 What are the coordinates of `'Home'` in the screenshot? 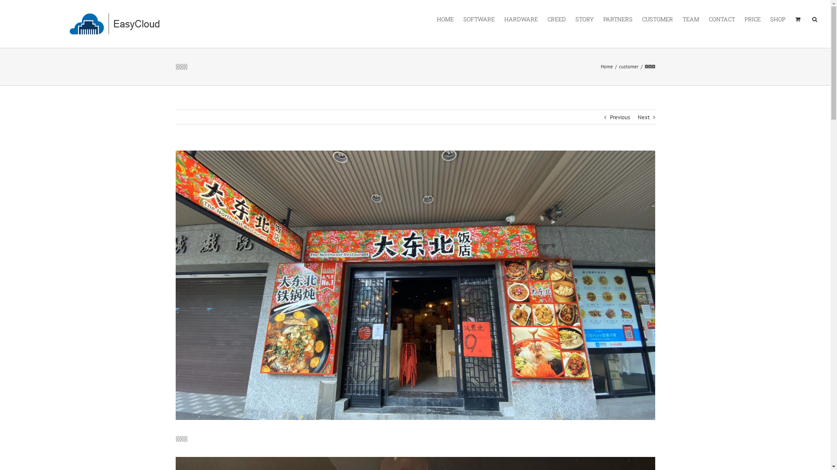 It's located at (606, 66).